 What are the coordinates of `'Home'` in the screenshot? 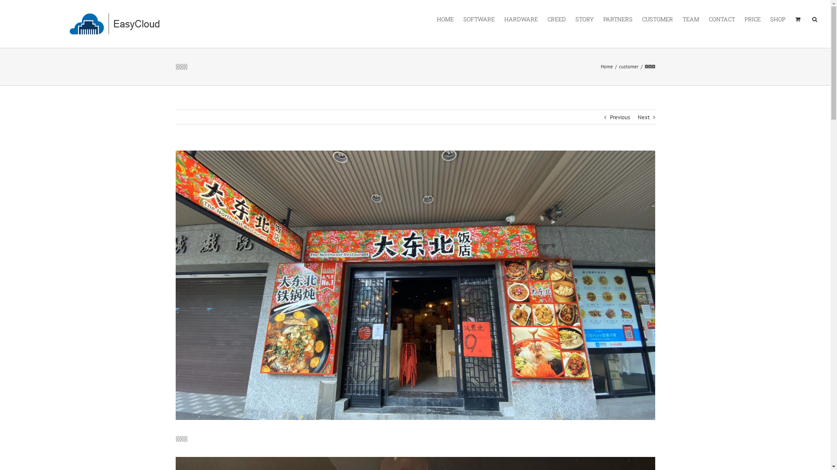 It's located at (606, 66).